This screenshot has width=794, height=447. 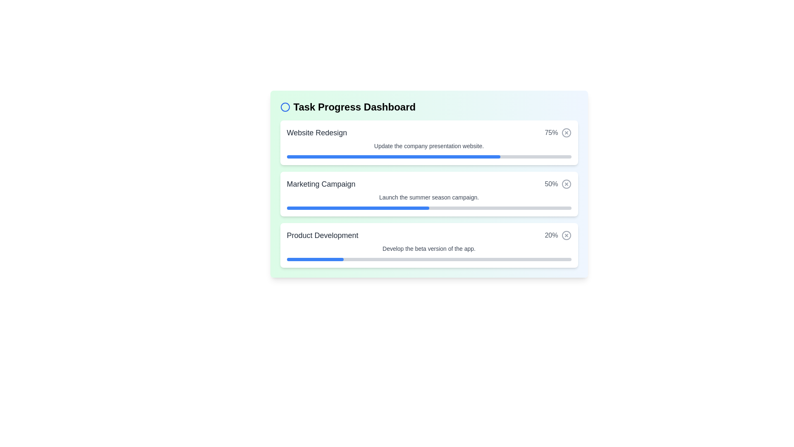 What do you see at coordinates (429, 142) in the screenshot?
I see `the 'Website Redesign' task card, which is the topmost entry in the list` at bounding box center [429, 142].